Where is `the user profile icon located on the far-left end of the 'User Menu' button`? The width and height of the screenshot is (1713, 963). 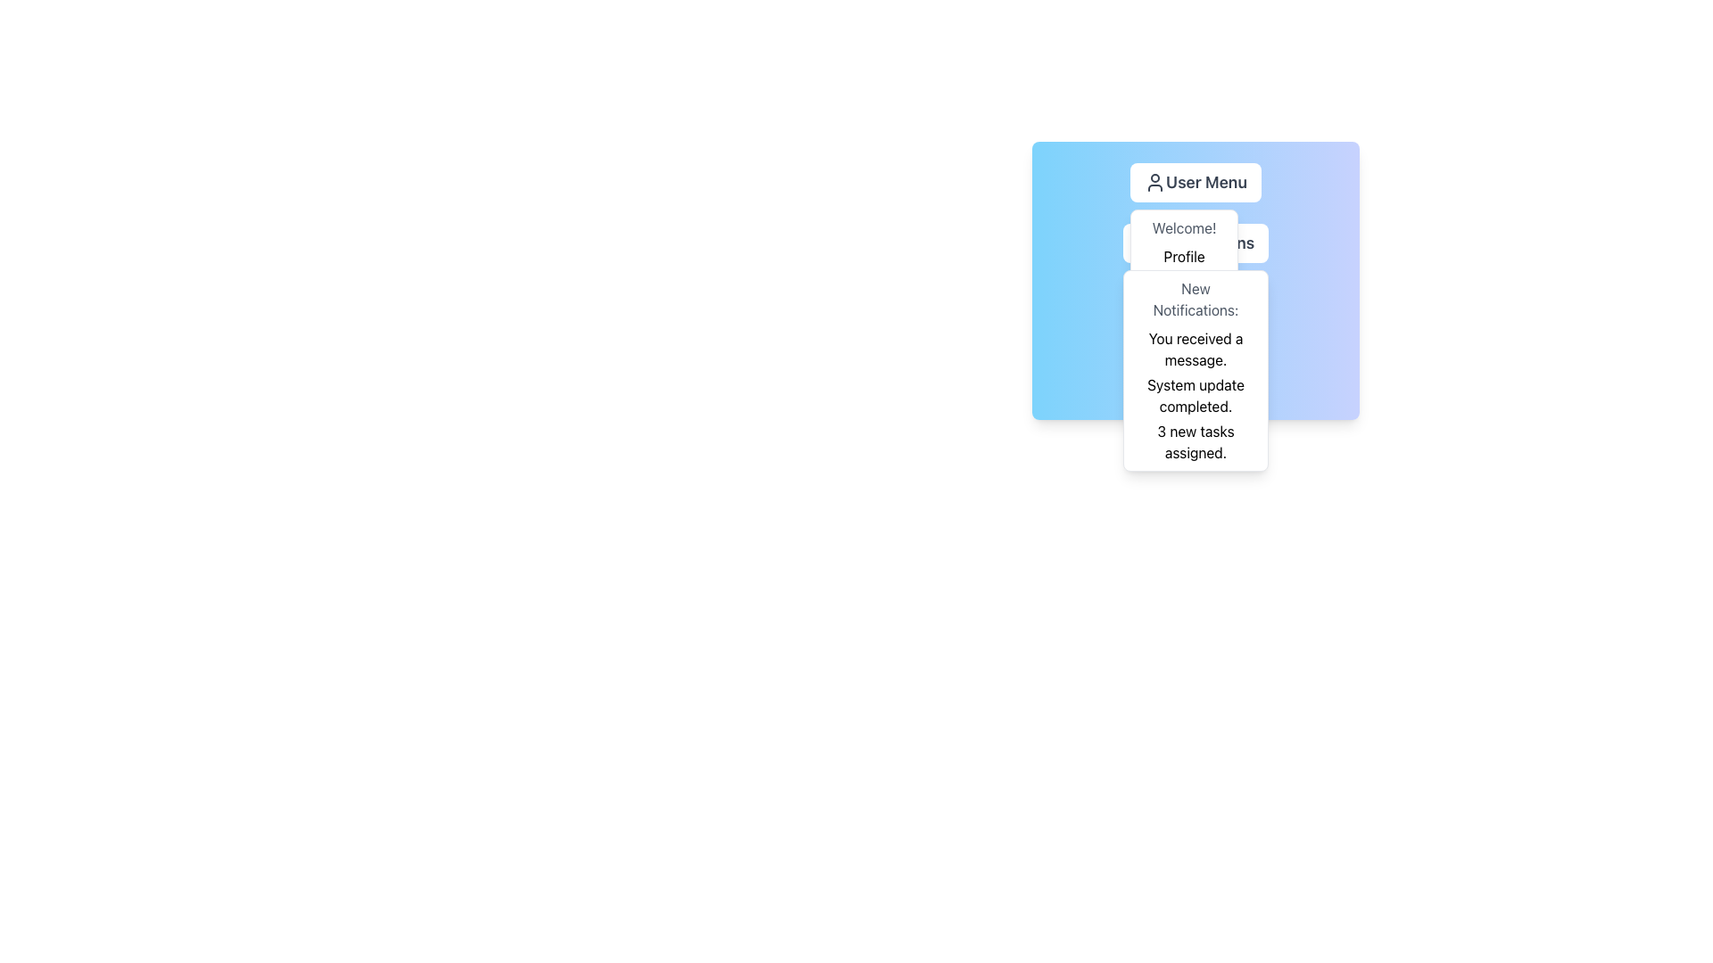 the user profile icon located on the far-left end of the 'User Menu' button is located at coordinates (1155, 182).